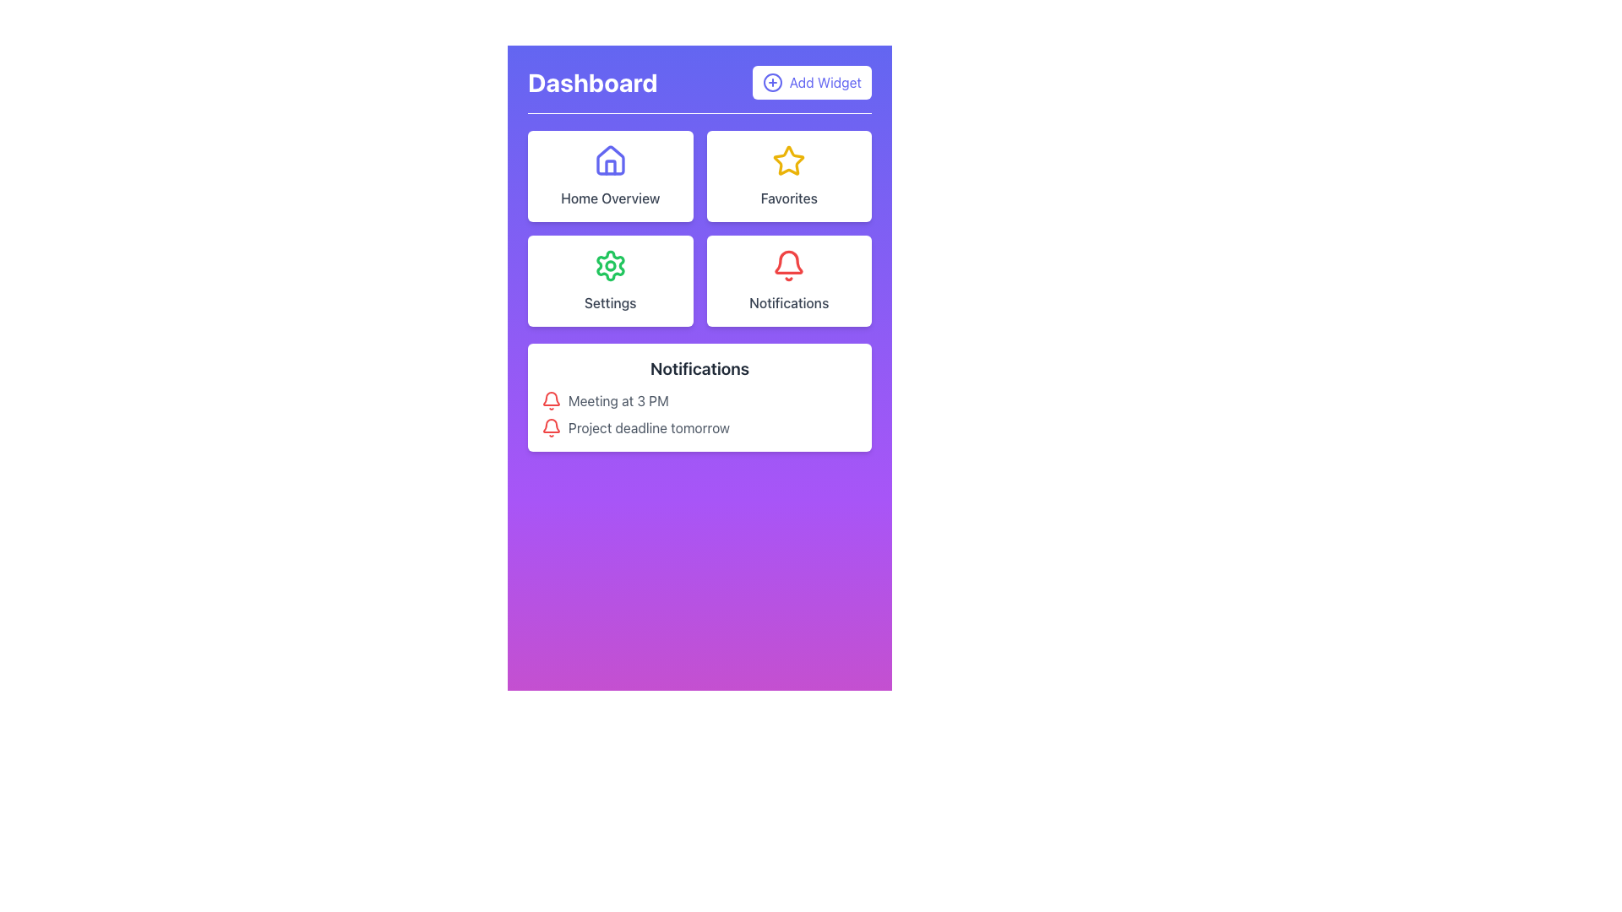  Describe the element at coordinates (551, 400) in the screenshot. I see `the stylized red bell icon located to the left of the text 'Meeting at 3 PM' in the notifications section` at that location.